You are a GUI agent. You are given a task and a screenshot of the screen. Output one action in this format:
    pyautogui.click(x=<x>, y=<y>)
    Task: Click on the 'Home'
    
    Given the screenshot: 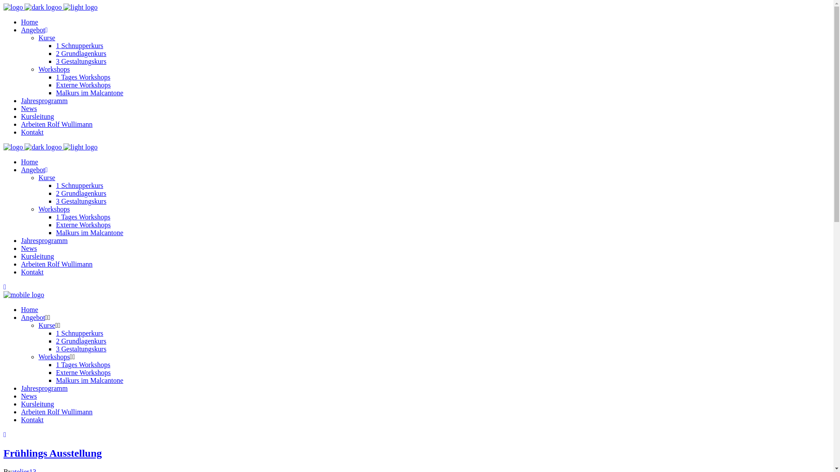 What is the action you would take?
    pyautogui.click(x=29, y=309)
    